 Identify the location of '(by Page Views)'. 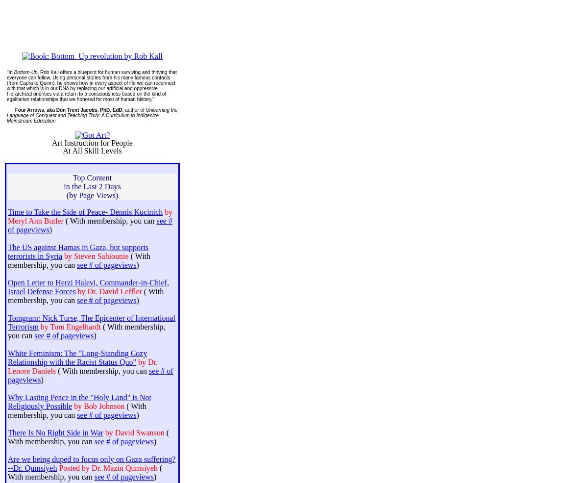
(91, 195).